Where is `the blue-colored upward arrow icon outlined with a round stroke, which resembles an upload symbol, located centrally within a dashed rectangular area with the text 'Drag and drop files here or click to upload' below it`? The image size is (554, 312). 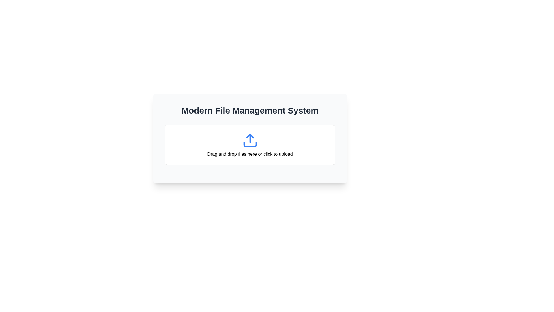
the blue-colored upward arrow icon outlined with a round stroke, which resembles an upload symbol, located centrally within a dashed rectangular area with the text 'Drag and drop files here or click to upload' below it is located at coordinates (250, 140).